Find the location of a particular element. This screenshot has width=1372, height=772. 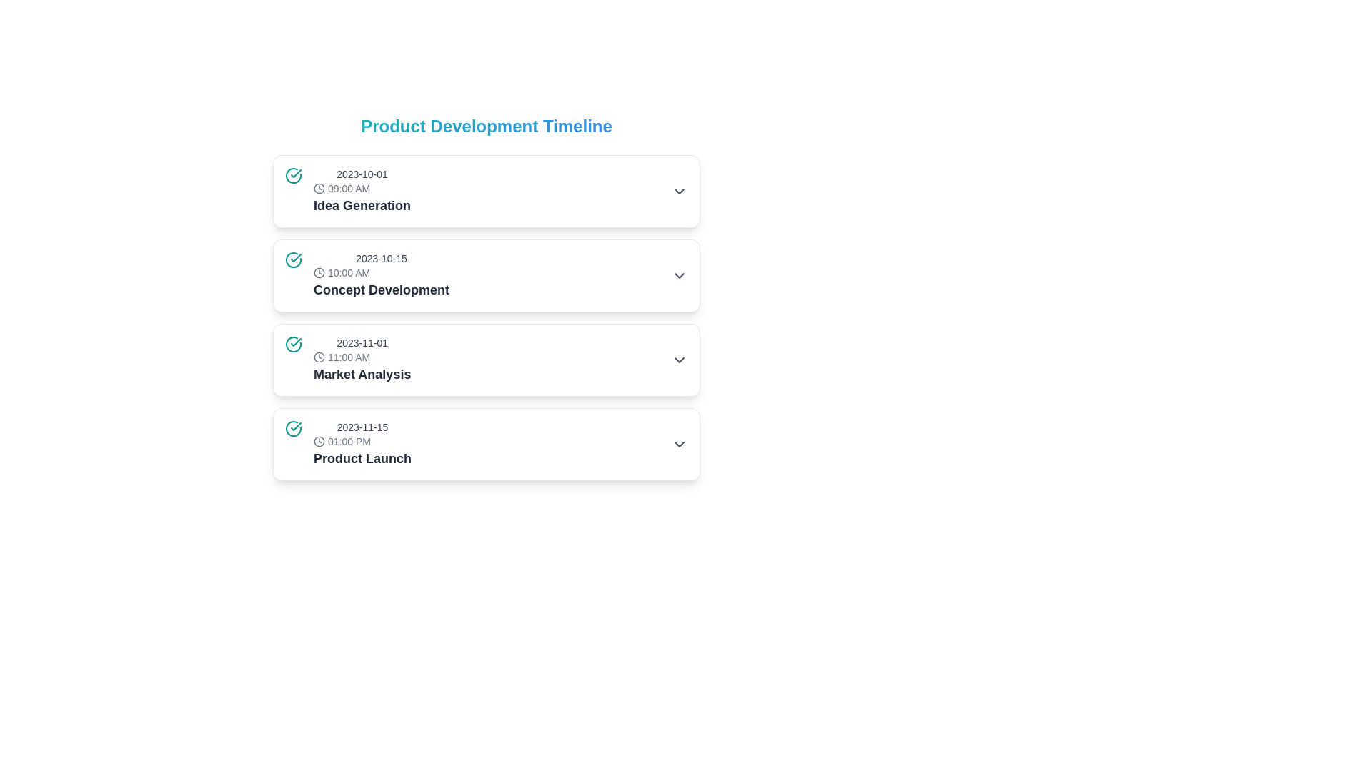

clock icon located to the left of the text '11:00 AM' within the 'Market Analysis' timeline entry, which is the third item in the vertical list under 'Product Development Timeline' is located at coordinates (318, 357).